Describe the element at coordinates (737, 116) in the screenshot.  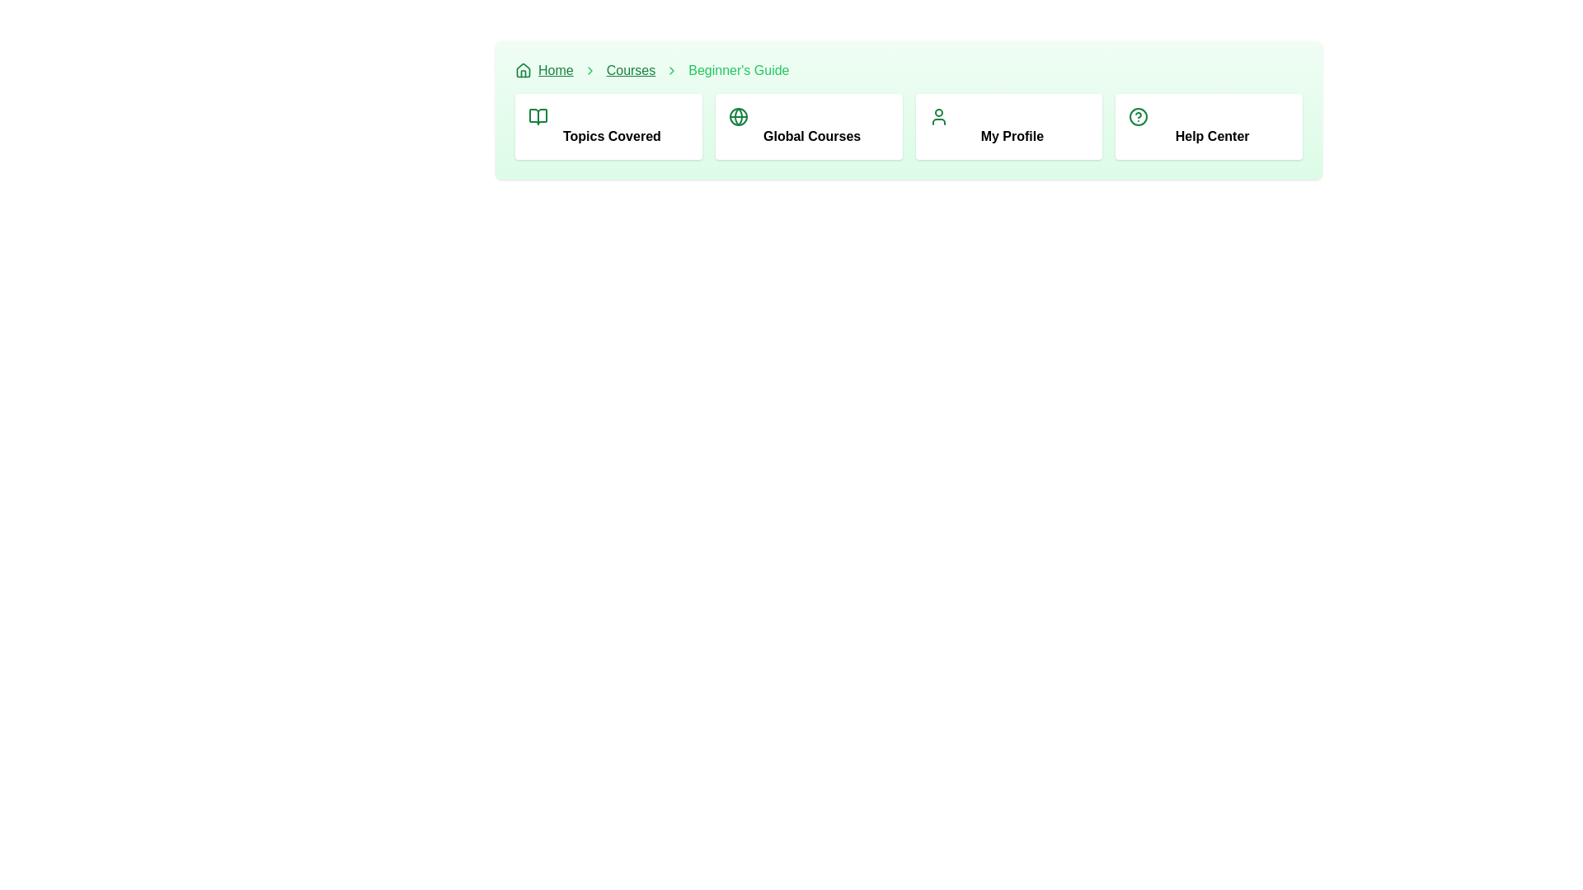
I see `the circular globe icon with a green stroke located in the upper portion of the 'Global Courses' card, which is the second card from the left in a row of options` at that location.